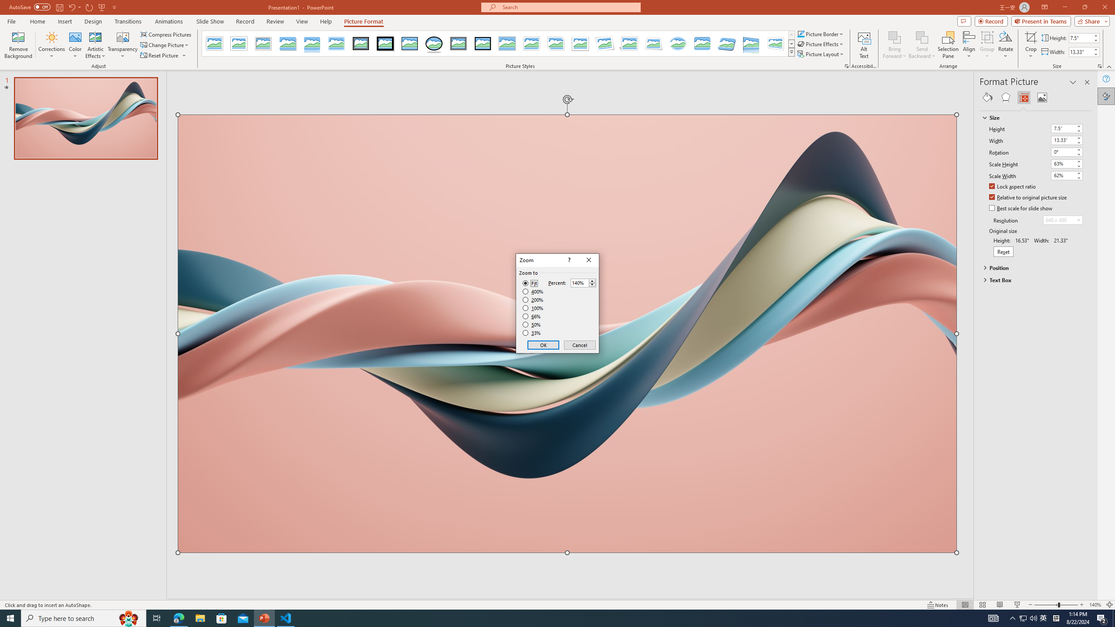  What do you see at coordinates (1095, 605) in the screenshot?
I see `'Zoom 140%'` at bounding box center [1095, 605].